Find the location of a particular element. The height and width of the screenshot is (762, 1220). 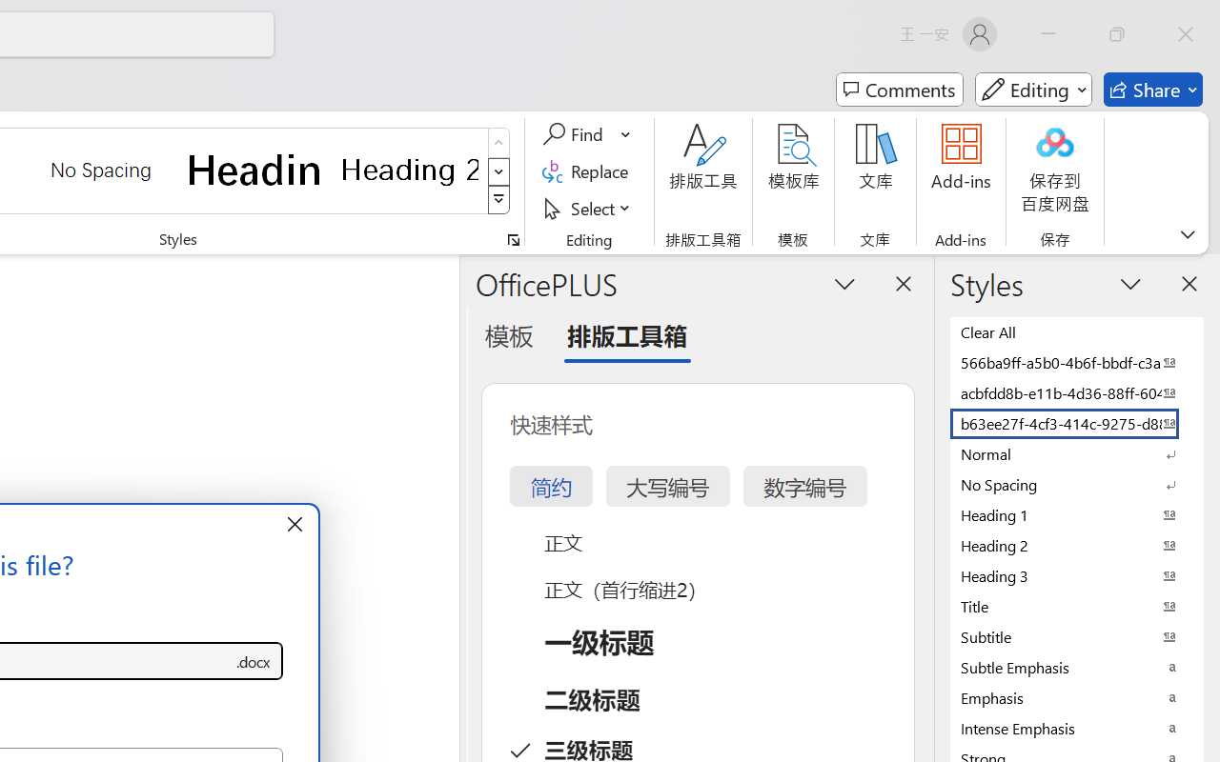

'Save as type' is located at coordinates (252, 661).